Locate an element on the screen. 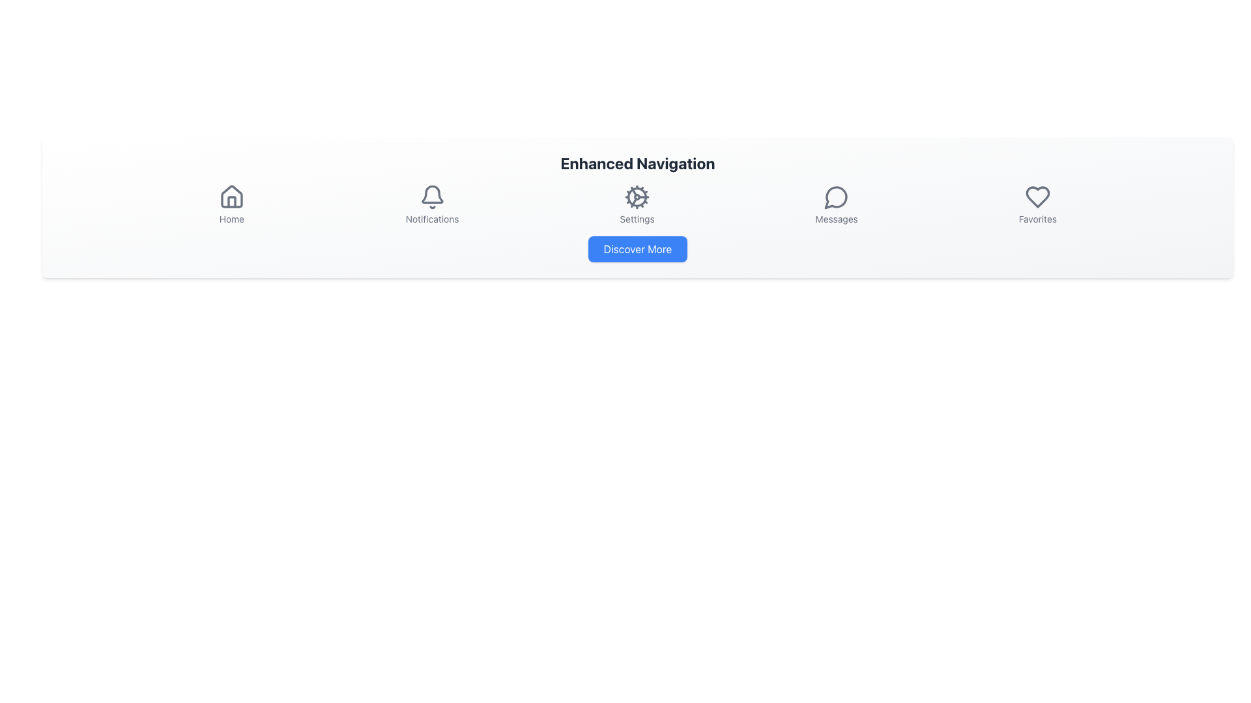  the circular cogwheel icon representing the 'Settings' option located centrally in the interface is located at coordinates (637, 197).